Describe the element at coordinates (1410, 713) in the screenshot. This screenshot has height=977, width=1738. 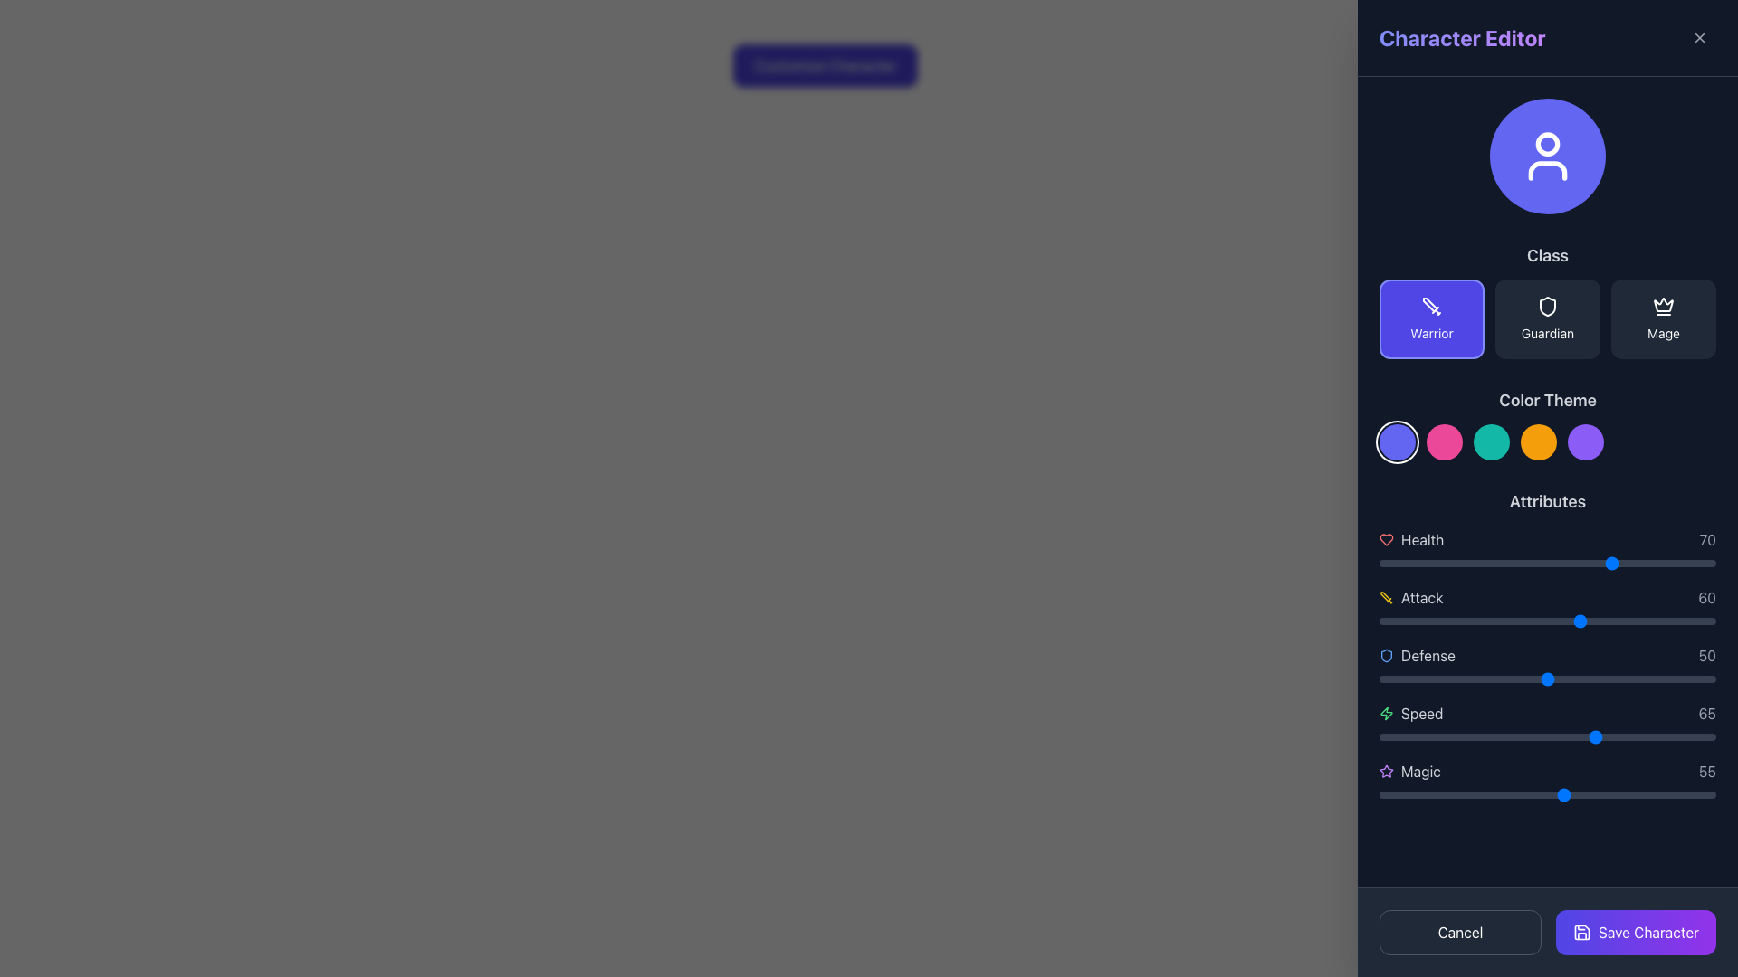
I see `'Speed' label, which is the fourth attribute in the 'Attributes' section of the 'Character Editor' interface, to associate it with its function` at that location.